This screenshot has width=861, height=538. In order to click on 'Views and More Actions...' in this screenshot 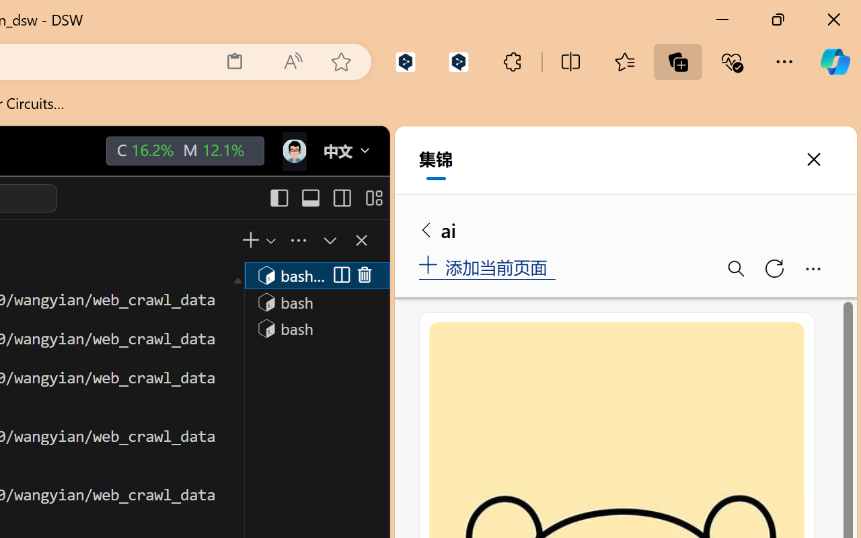, I will do `click(297, 240)`.